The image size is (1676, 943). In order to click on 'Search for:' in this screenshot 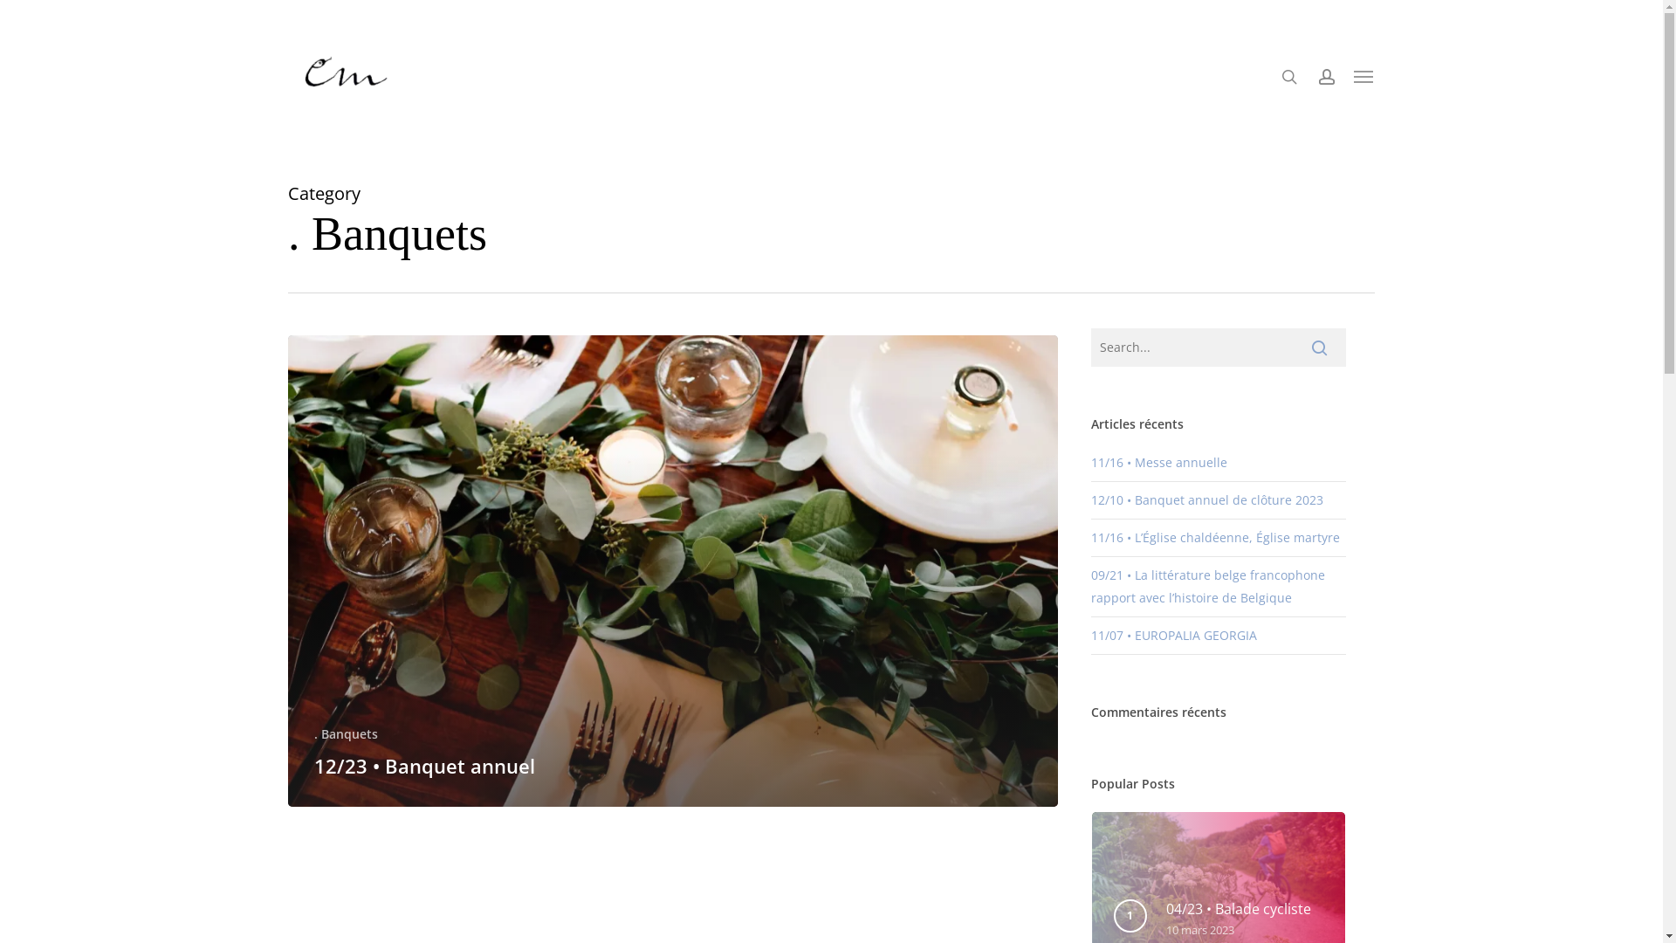, I will do `click(1218, 347)`.